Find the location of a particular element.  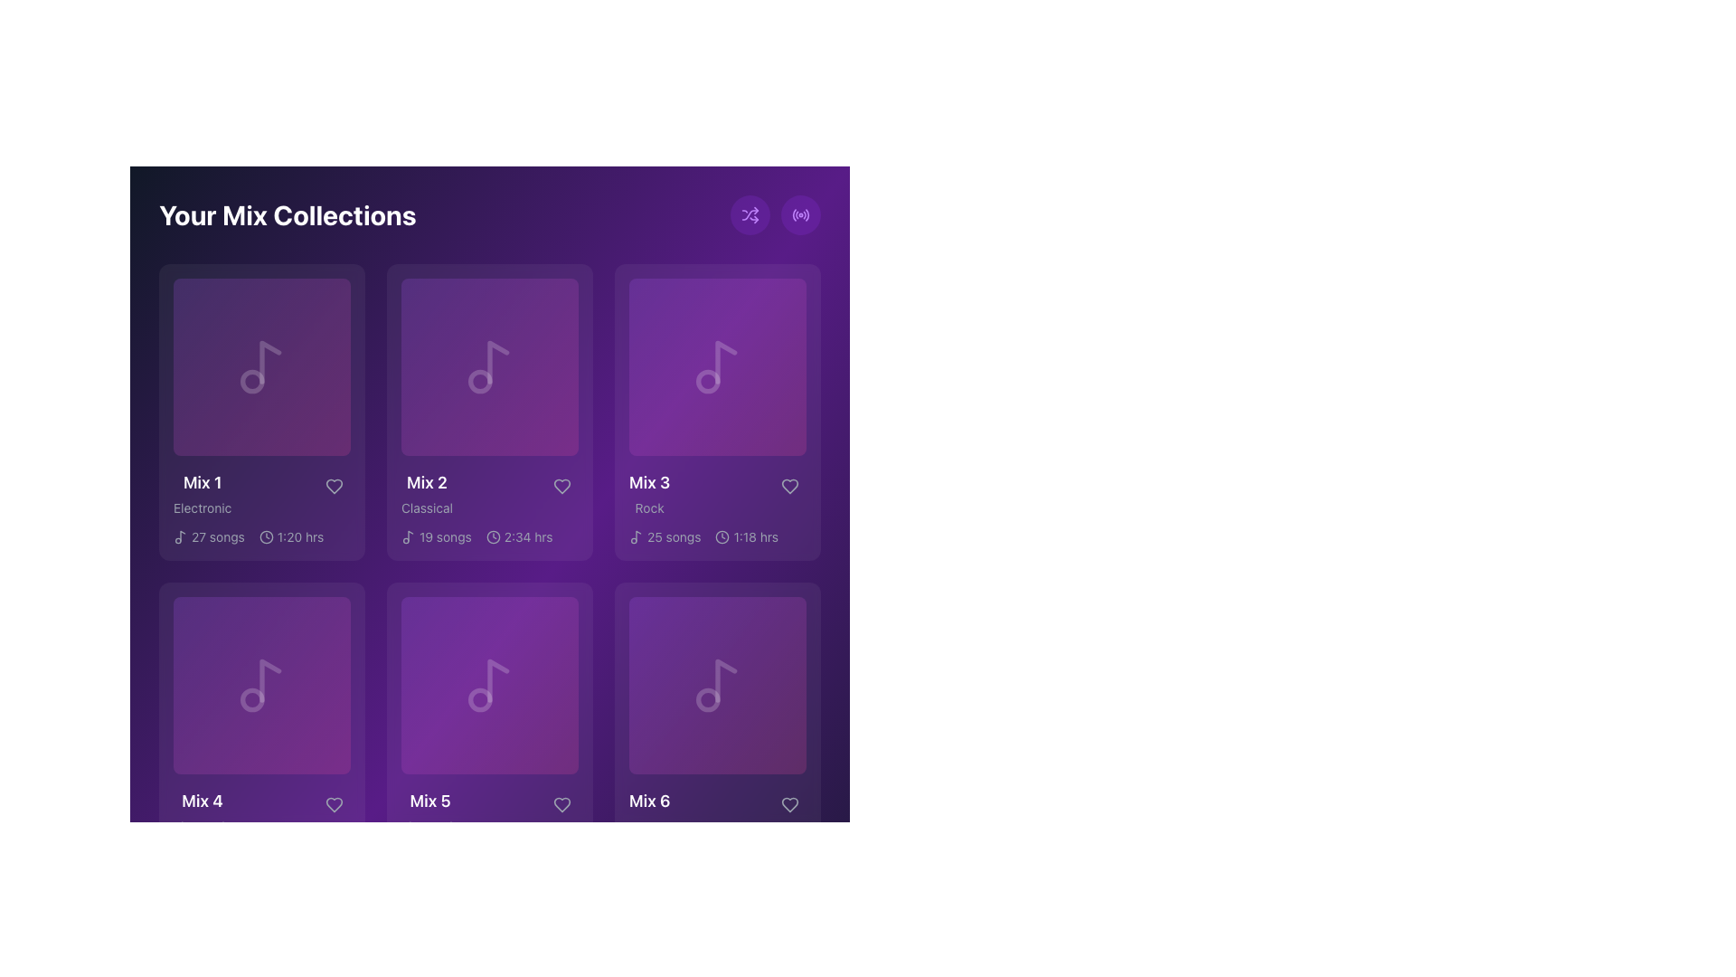

the musical note icon, which is styled with a thin stroke and rounded finish, located in the center of the 'Mix 5' card in the second row and first column of a 2x3 grid of mix cards is located at coordinates (490, 686).